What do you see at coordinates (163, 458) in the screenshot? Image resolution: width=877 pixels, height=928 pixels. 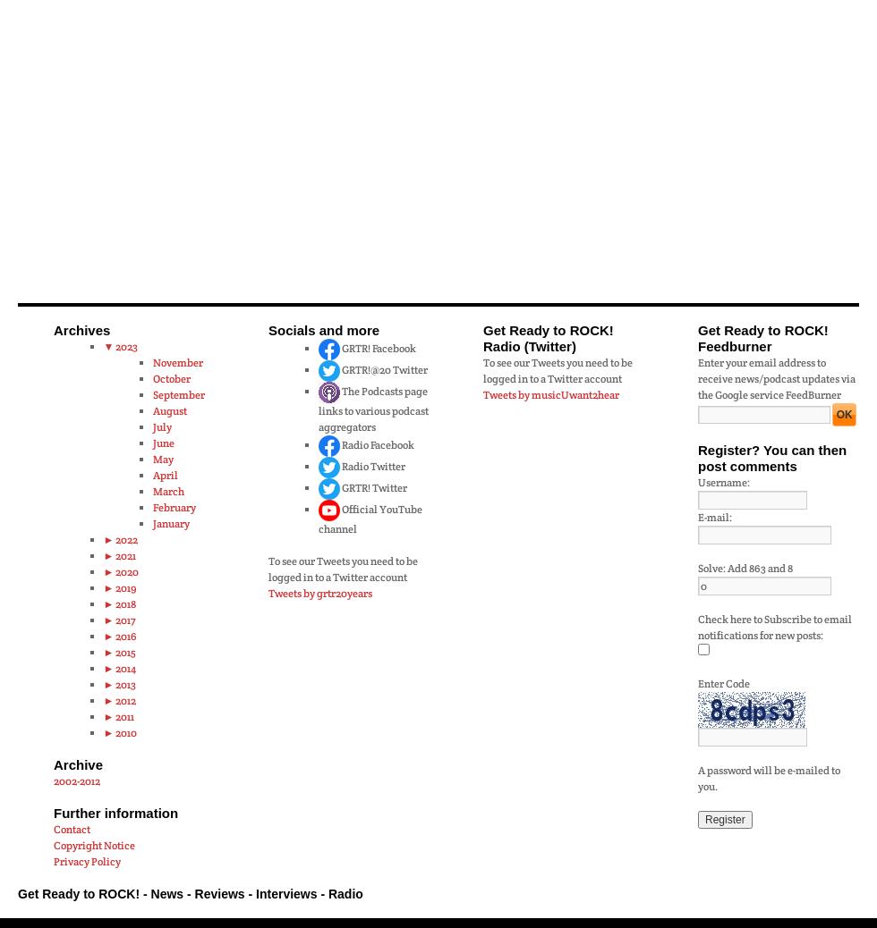 I see `'May'` at bounding box center [163, 458].